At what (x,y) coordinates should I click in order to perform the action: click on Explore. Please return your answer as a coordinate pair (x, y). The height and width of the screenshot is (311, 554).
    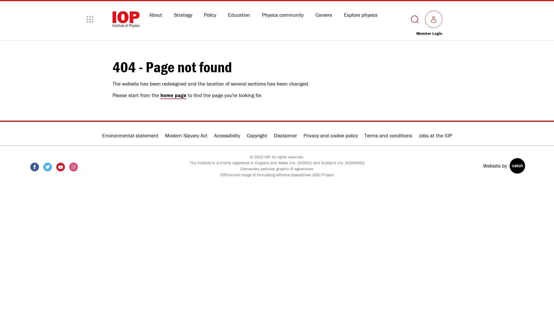
    Looking at the image, I should click on (90, 19).